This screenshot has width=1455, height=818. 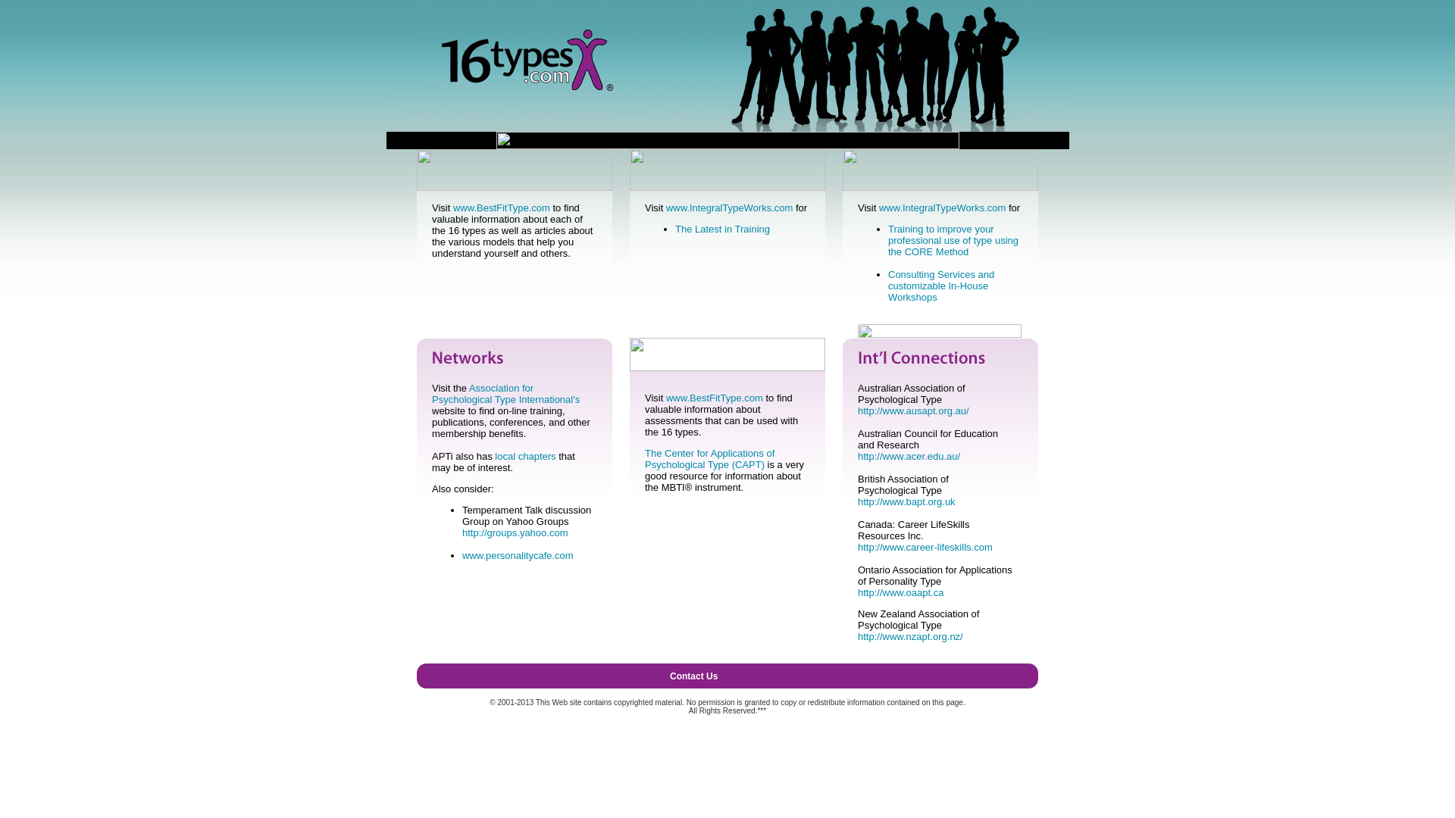 What do you see at coordinates (909, 455) in the screenshot?
I see `'http://www.acer.edu.au/'` at bounding box center [909, 455].